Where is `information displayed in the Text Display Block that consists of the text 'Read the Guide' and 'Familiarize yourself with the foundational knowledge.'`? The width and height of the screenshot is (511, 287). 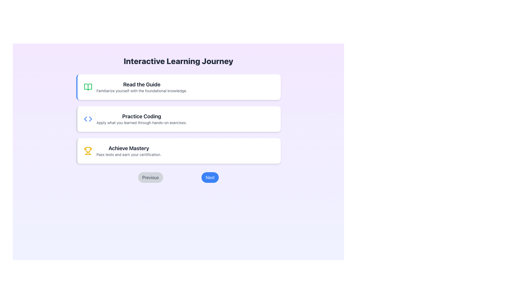
information displayed in the Text Display Block that consists of the text 'Read the Guide' and 'Familiarize yourself with the foundational knowledge.' is located at coordinates (142, 87).